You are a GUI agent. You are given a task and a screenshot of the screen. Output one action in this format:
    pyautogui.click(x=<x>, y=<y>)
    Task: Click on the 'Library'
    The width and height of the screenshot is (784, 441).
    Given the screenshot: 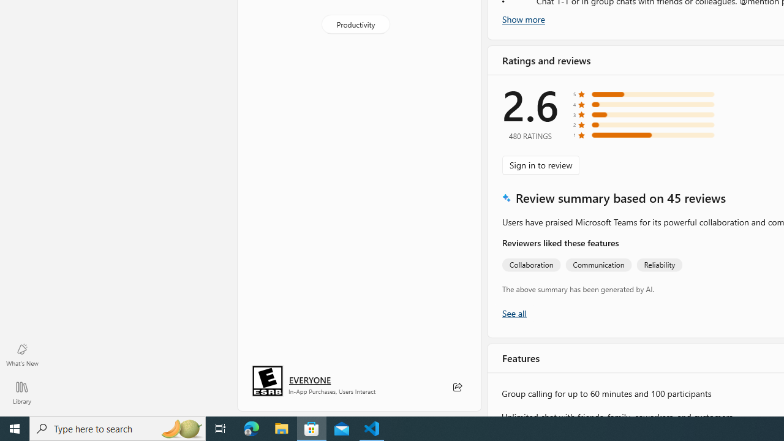 What is the action you would take?
    pyautogui.click(x=21, y=392)
    